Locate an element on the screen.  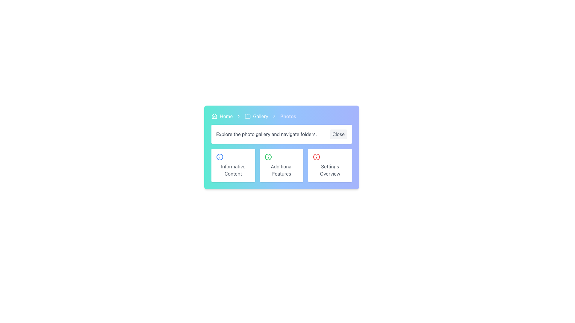
the static text label located at the center-bottom of the leftmost card in a row of similar styled cards, which provides information and is positioned below an info icon is located at coordinates (233, 170).